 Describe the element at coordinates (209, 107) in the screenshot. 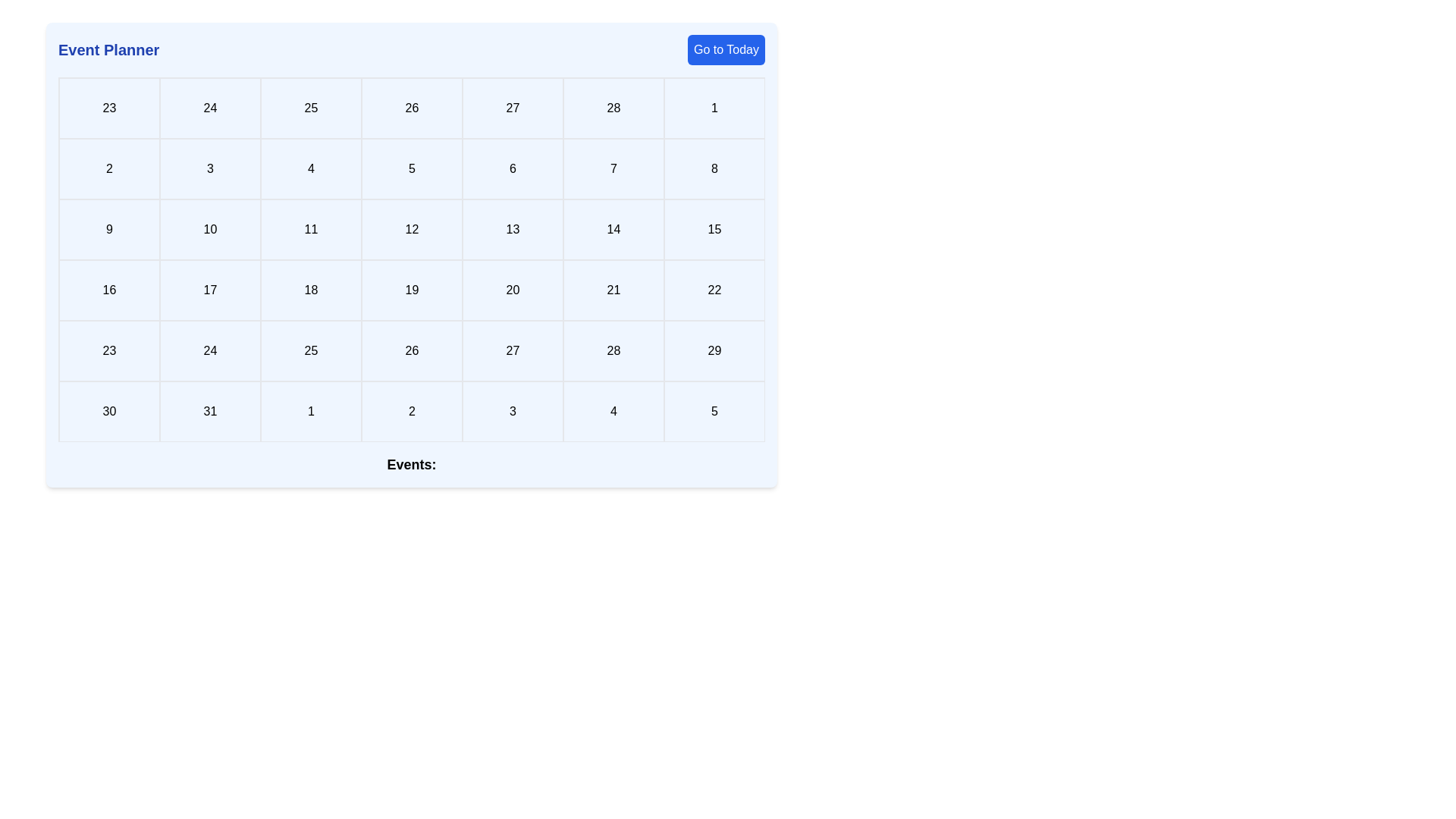

I see `the grid cell displaying the number '24'` at that location.